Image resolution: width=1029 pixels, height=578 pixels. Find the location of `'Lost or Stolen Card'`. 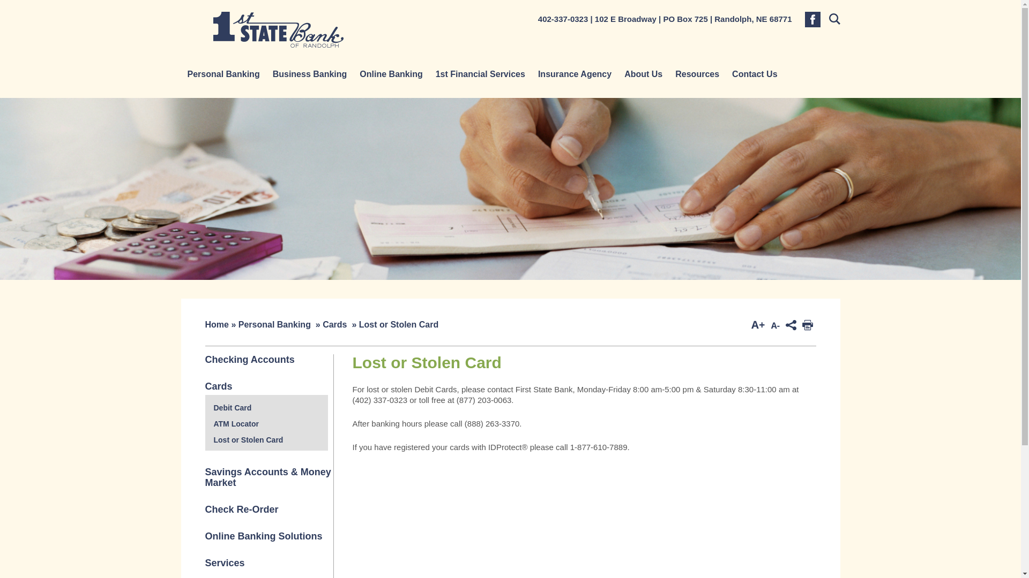

'Lost or Stolen Card' is located at coordinates (398, 324).